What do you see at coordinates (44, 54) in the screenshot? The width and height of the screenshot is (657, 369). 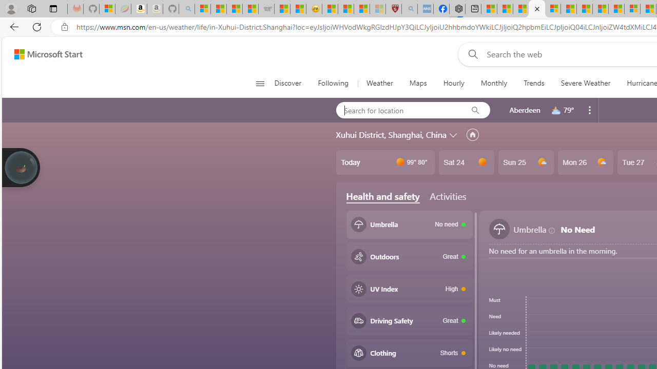 I see `'Skip to content'` at bounding box center [44, 54].